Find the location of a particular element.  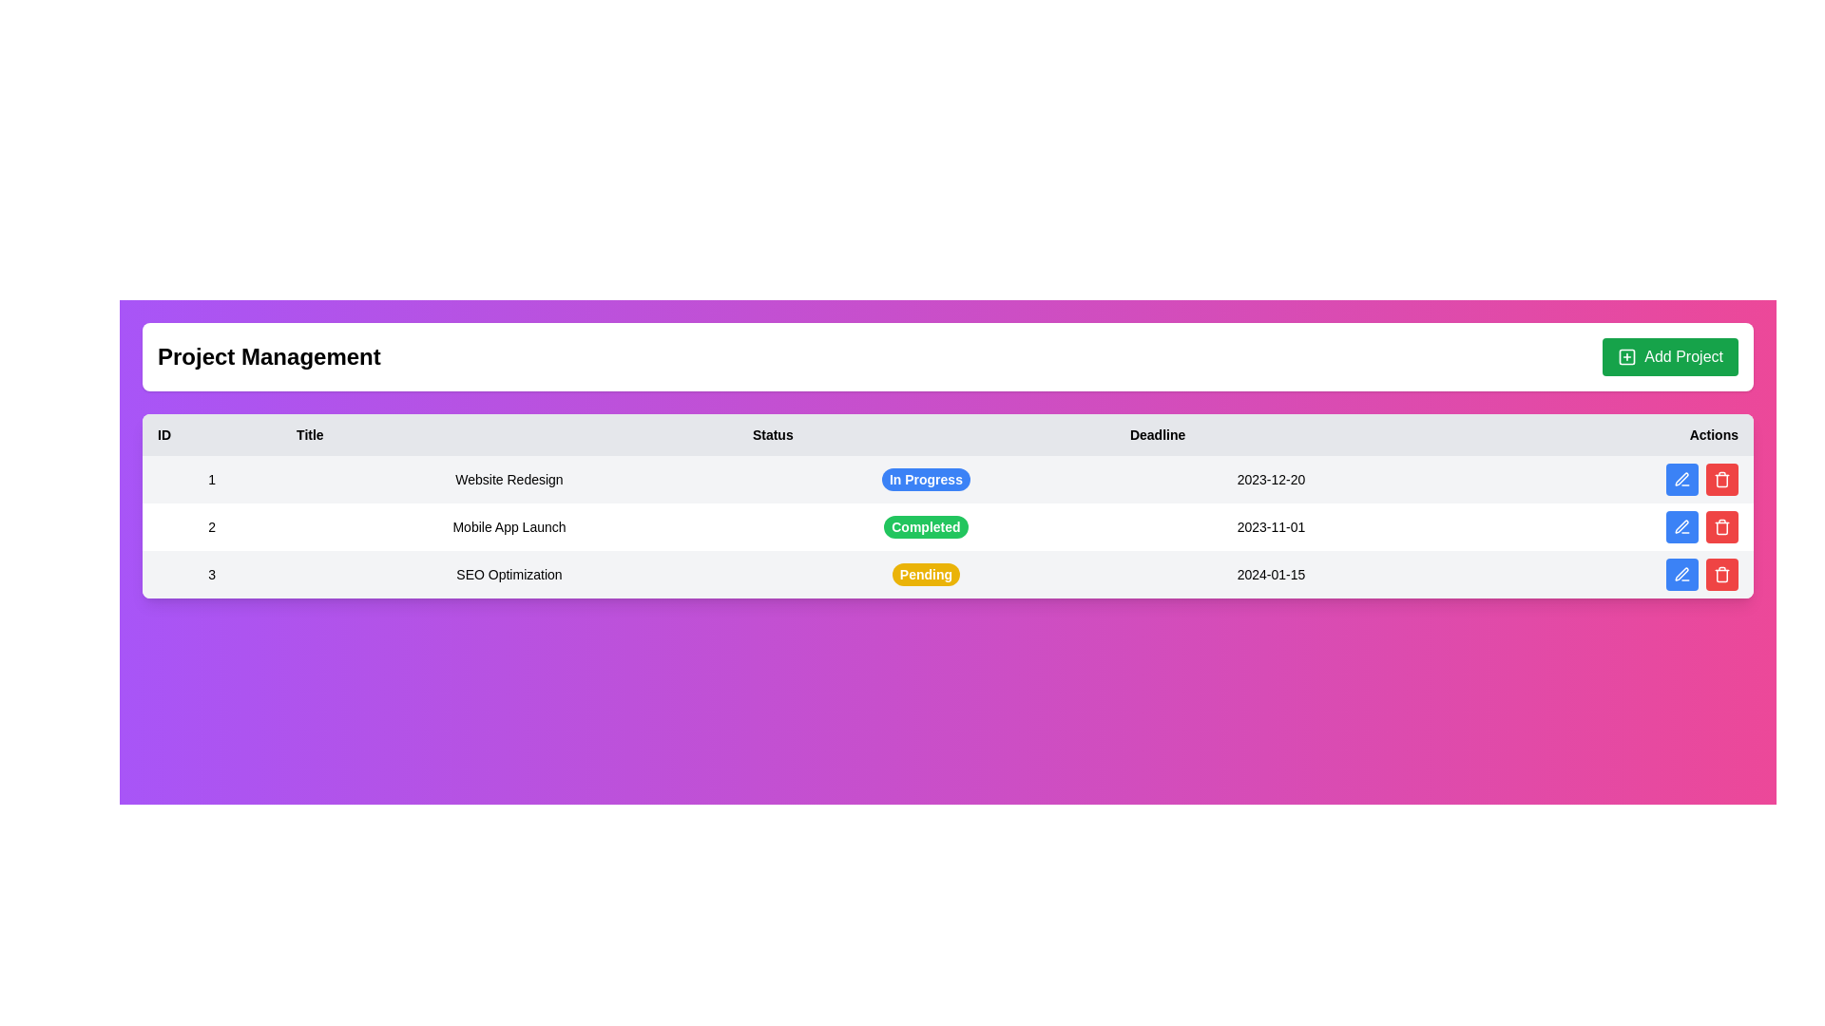

the delete button with a trash can icon located in the 'Actions' column of the table, specifically the third red button from the top, aligned to the right side of the row for 'SEO Optimization.' is located at coordinates (1721, 574).